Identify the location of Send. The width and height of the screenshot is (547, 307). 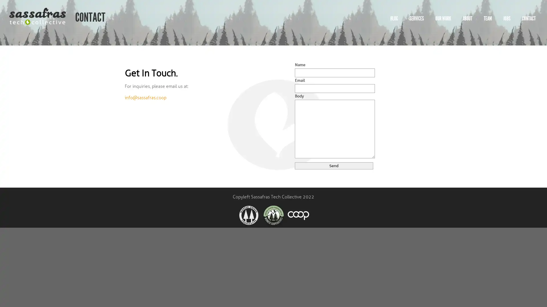
(334, 165).